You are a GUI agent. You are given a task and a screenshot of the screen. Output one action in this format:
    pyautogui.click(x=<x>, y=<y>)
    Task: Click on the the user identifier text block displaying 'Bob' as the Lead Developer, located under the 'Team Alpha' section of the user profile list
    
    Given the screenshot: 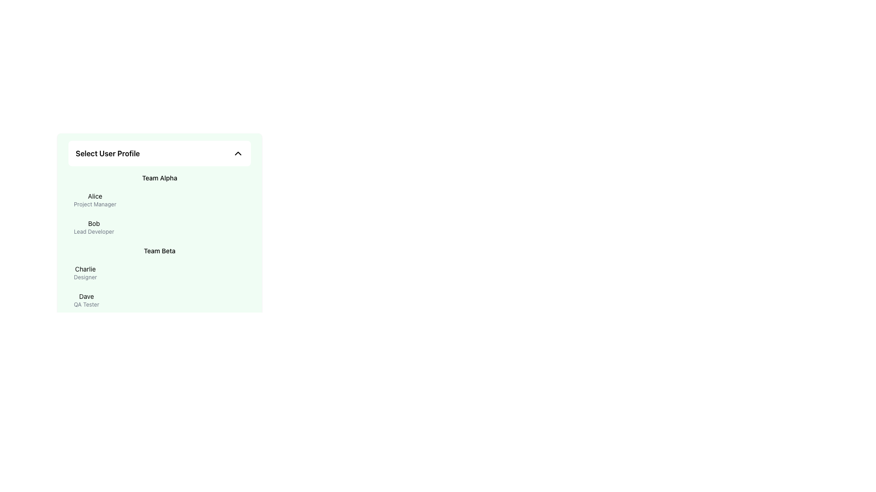 What is the action you would take?
    pyautogui.click(x=94, y=226)
    